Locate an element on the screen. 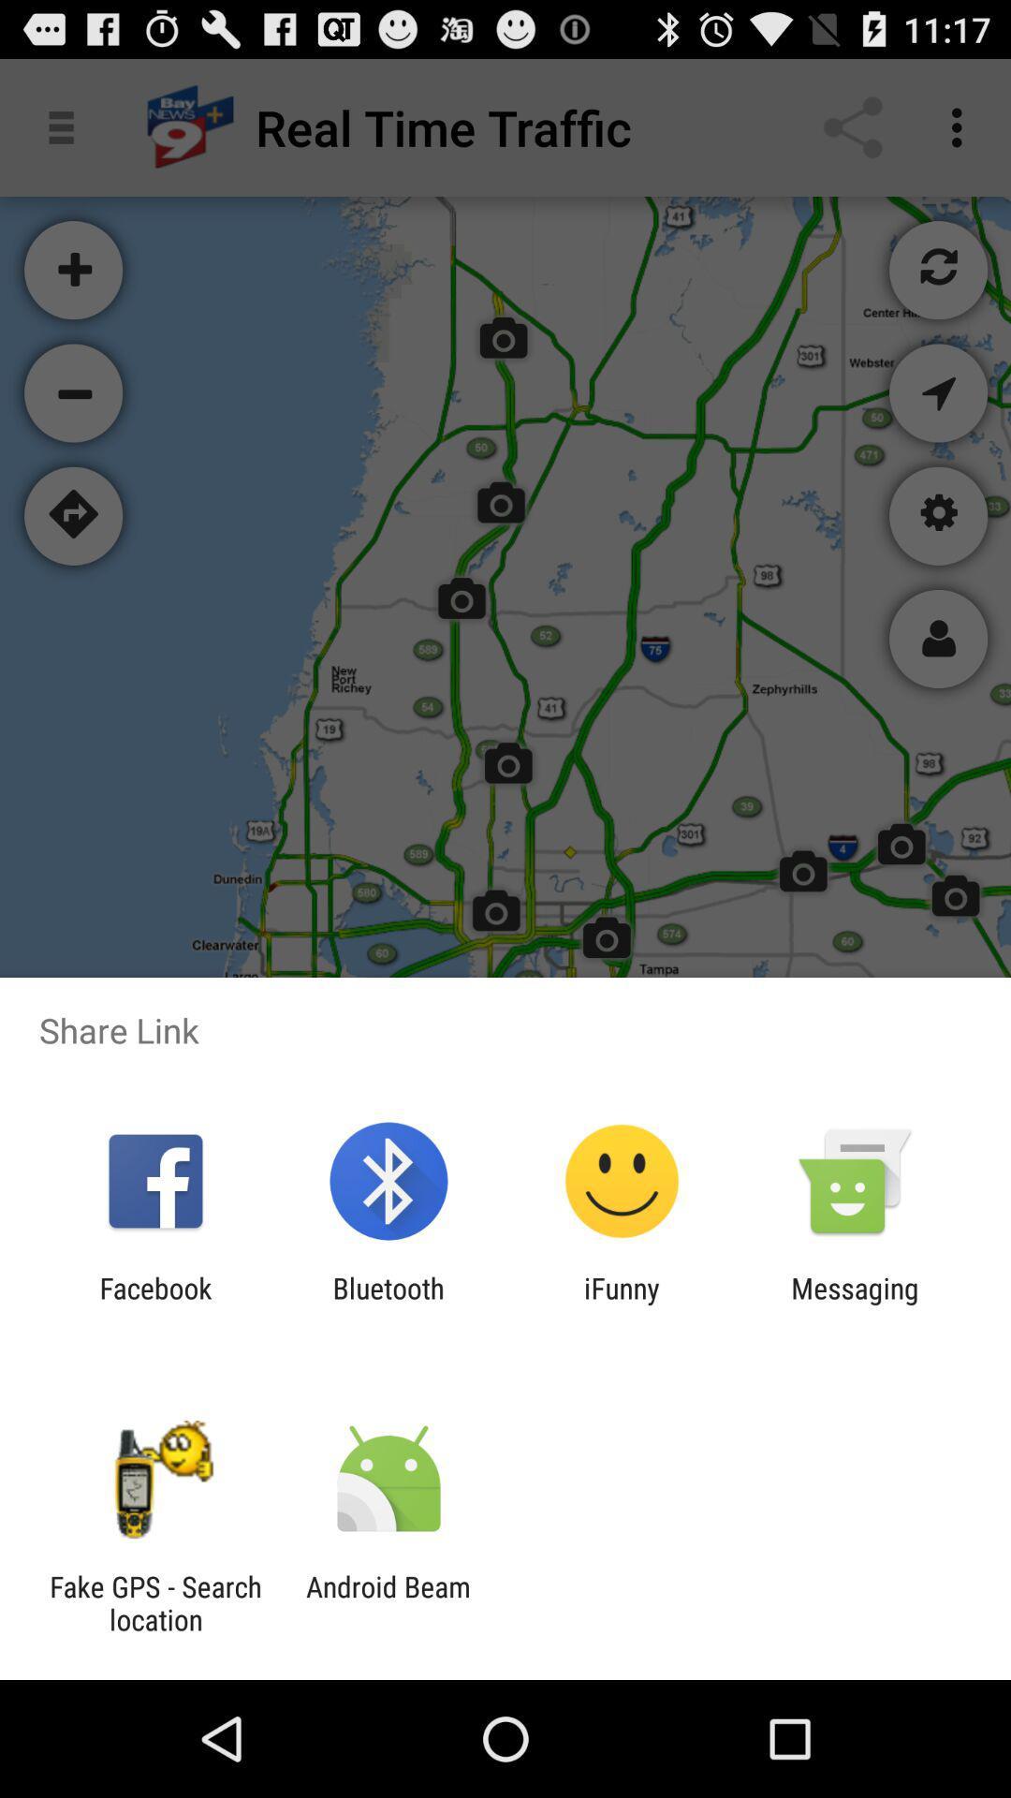 The width and height of the screenshot is (1011, 1798). item next to bluetooth icon is located at coordinates (622, 1304).